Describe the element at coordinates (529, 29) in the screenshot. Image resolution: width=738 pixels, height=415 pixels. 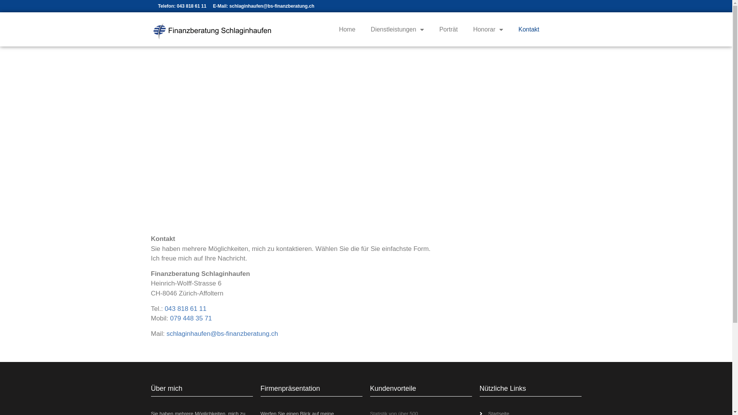
I see `'Kontakt'` at that location.